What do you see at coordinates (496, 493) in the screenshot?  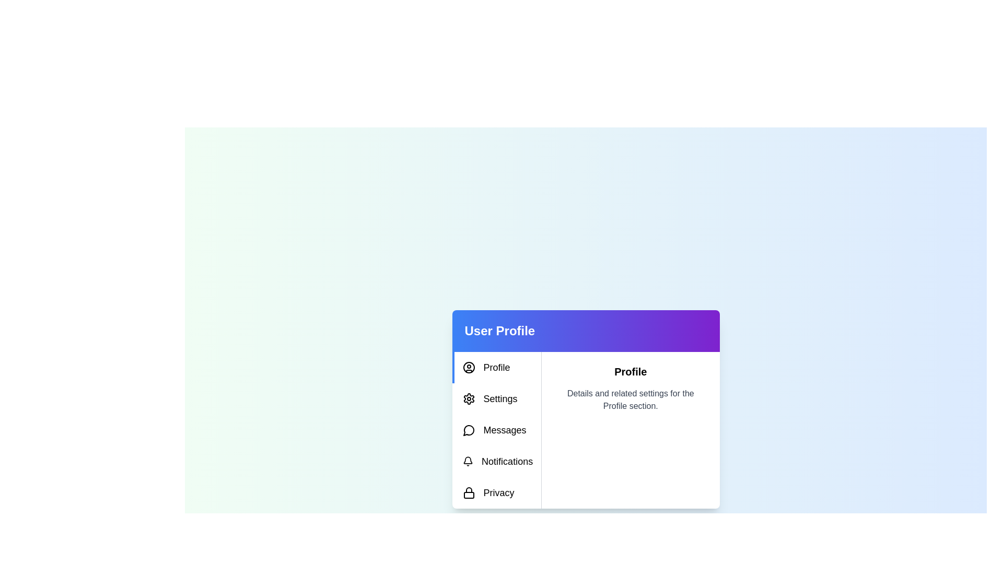 I see `the tab labeled 'Privacy' to display its content` at bounding box center [496, 493].